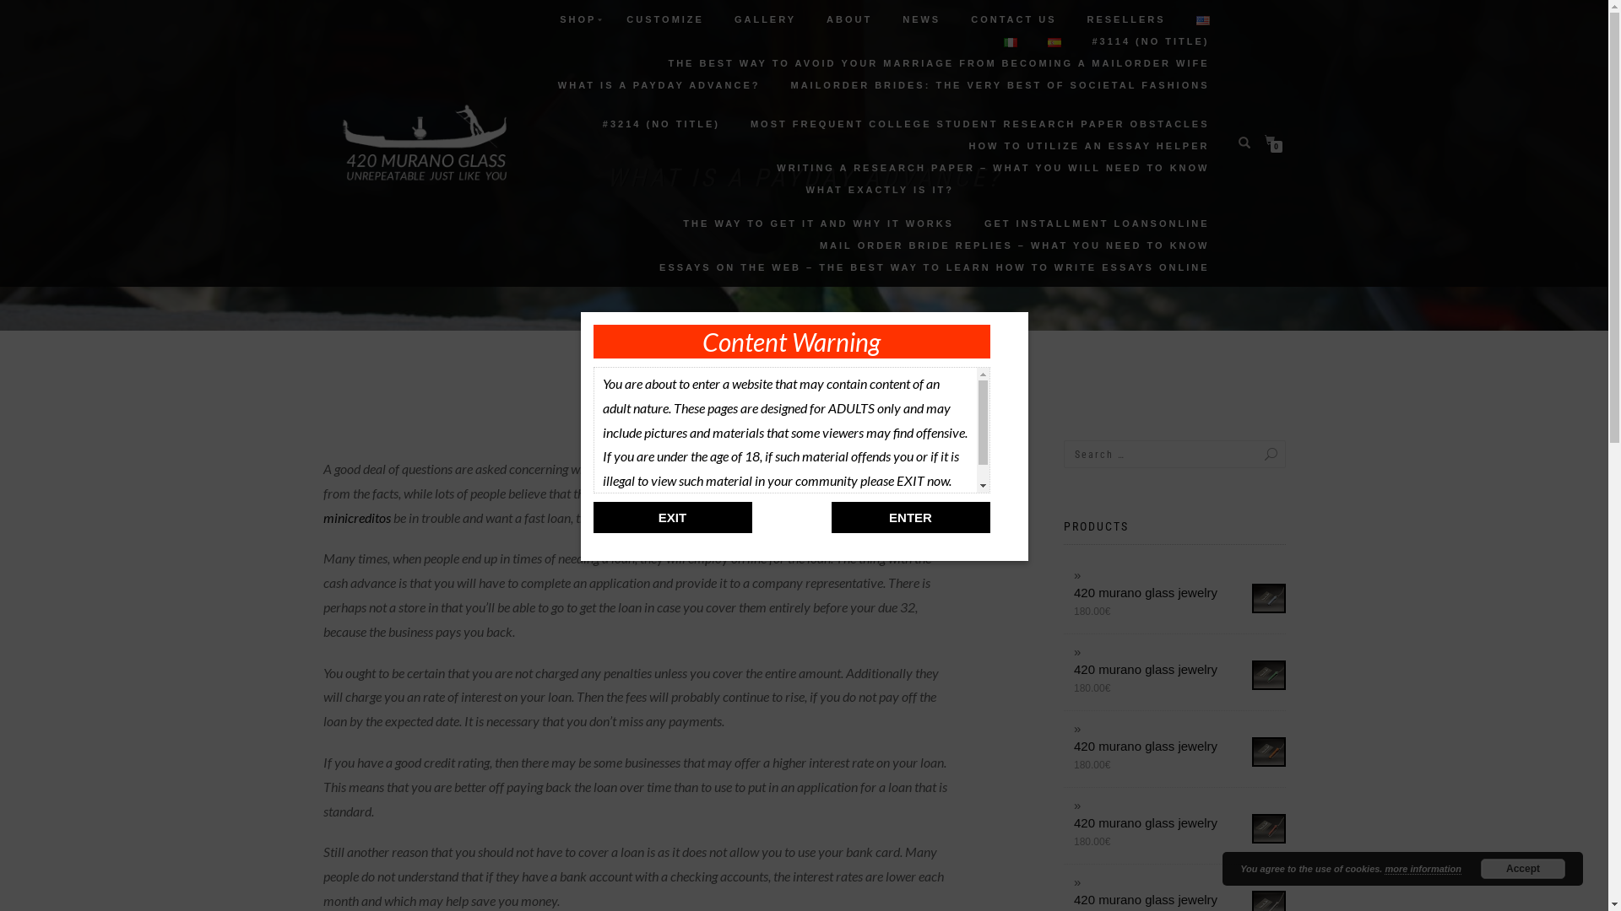 The image size is (1621, 911). What do you see at coordinates (1201, 20) in the screenshot?
I see `'English (en_US)'` at bounding box center [1201, 20].